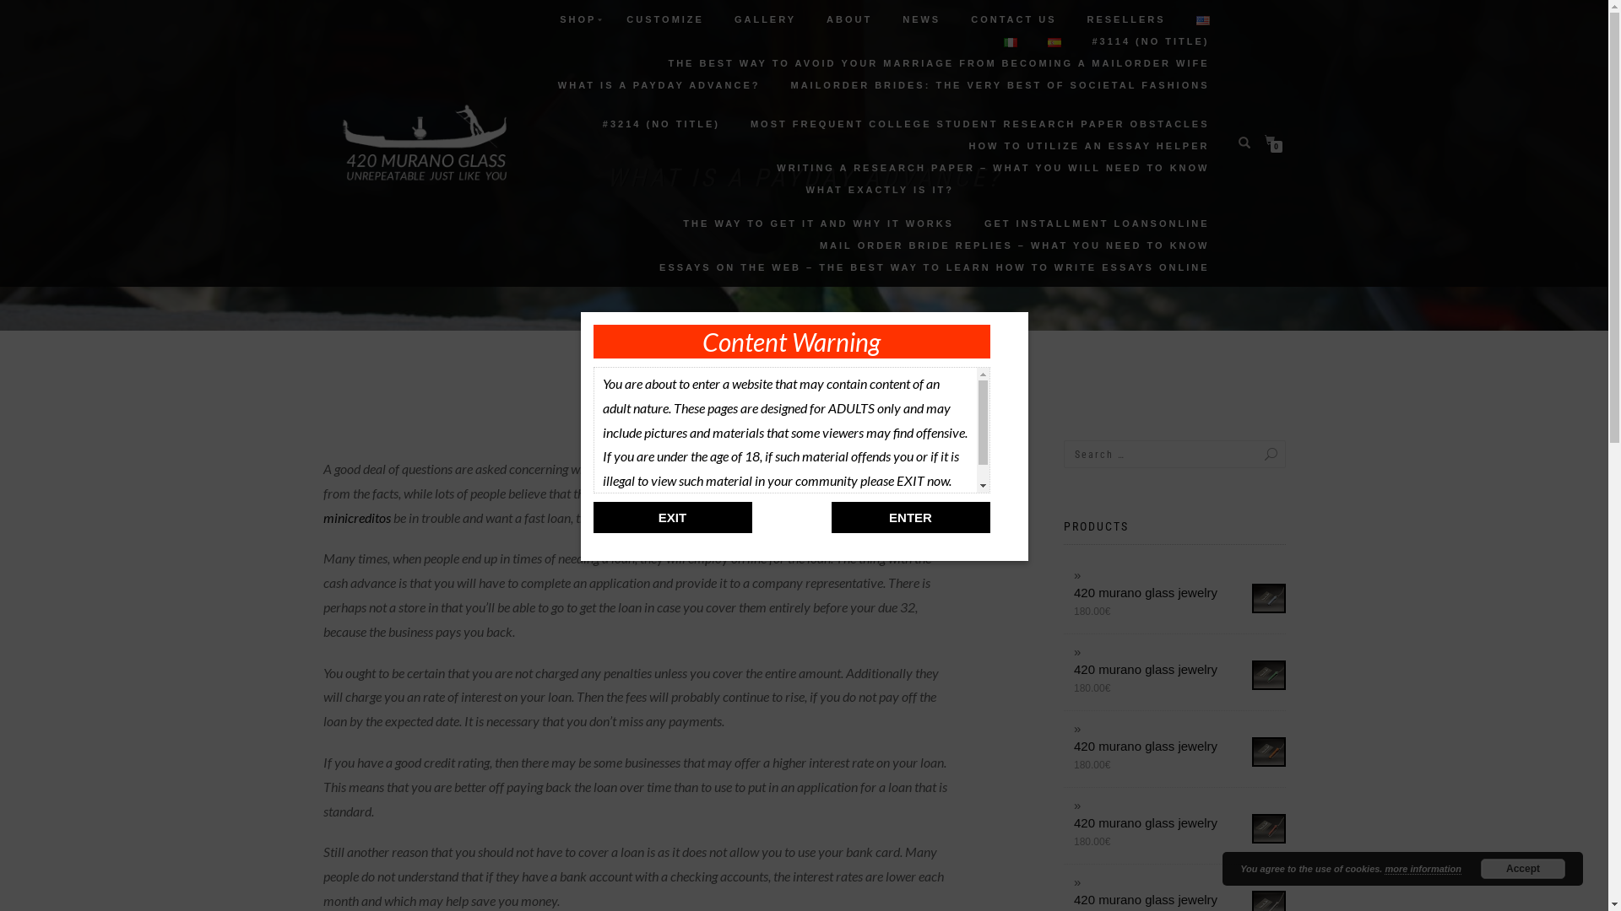 The image size is (1621, 911). What do you see at coordinates (1201, 20) in the screenshot?
I see `'English (en_US)'` at bounding box center [1201, 20].